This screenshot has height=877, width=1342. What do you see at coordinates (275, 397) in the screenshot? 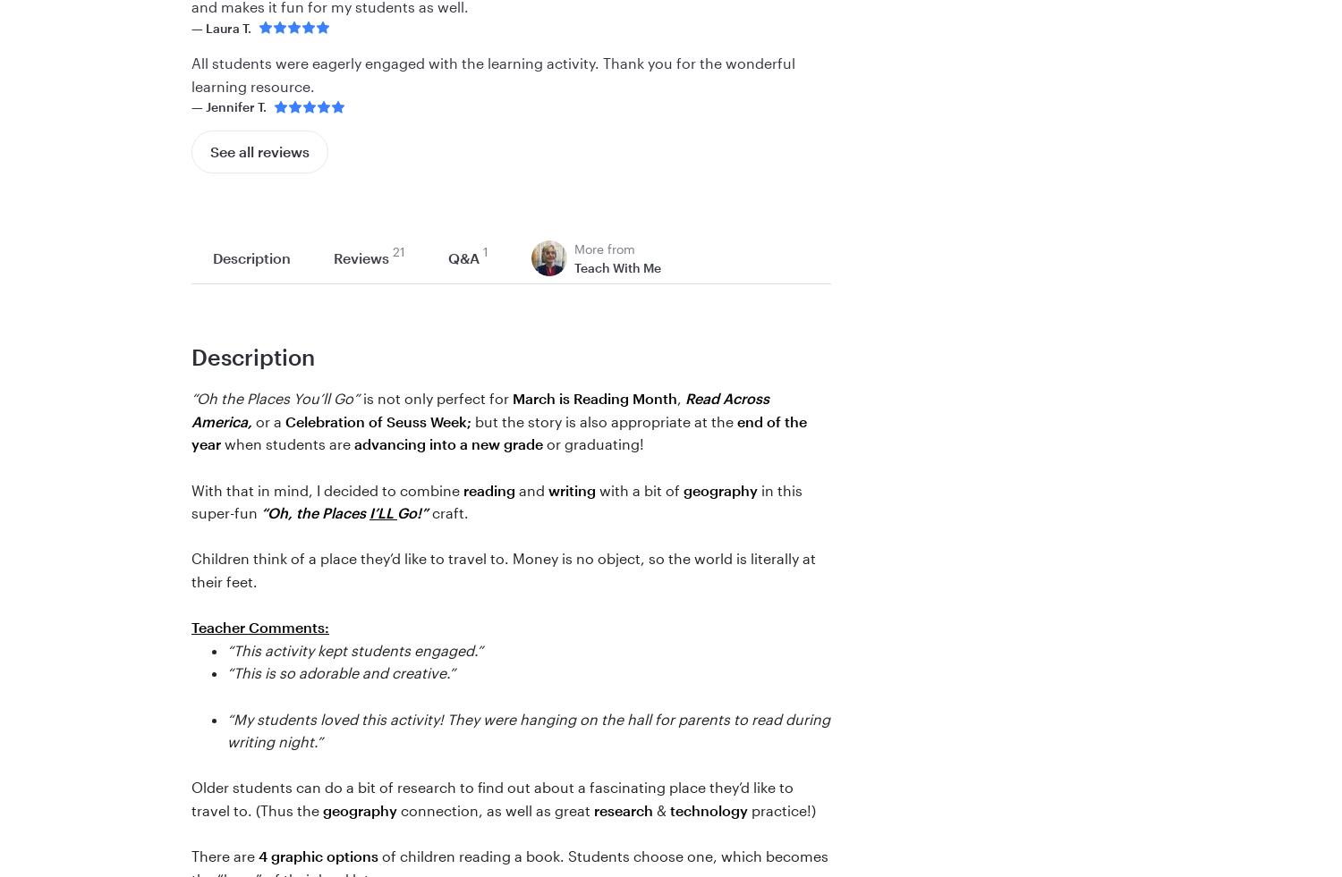
I see `'“Oh the Places You’ll Go”'` at bounding box center [275, 397].